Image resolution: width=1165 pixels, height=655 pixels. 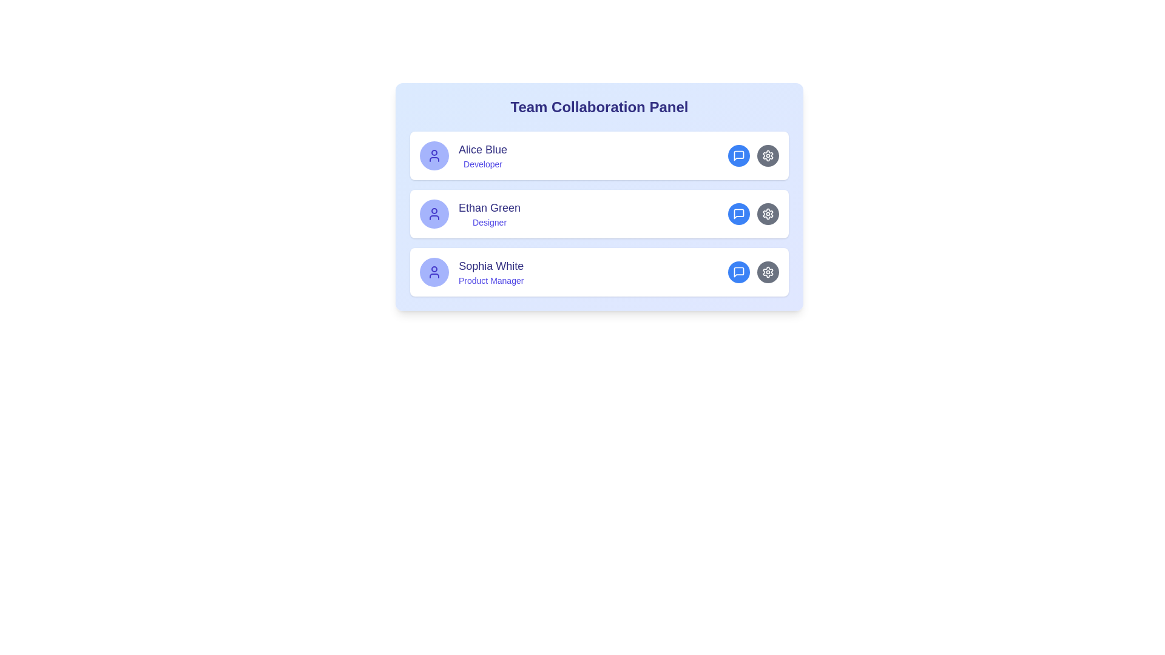 What do you see at coordinates (738, 271) in the screenshot?
I see `the message icon in the 'Sophia White' user card, which is the first icon in the third row` at bounding box center [738, 271].